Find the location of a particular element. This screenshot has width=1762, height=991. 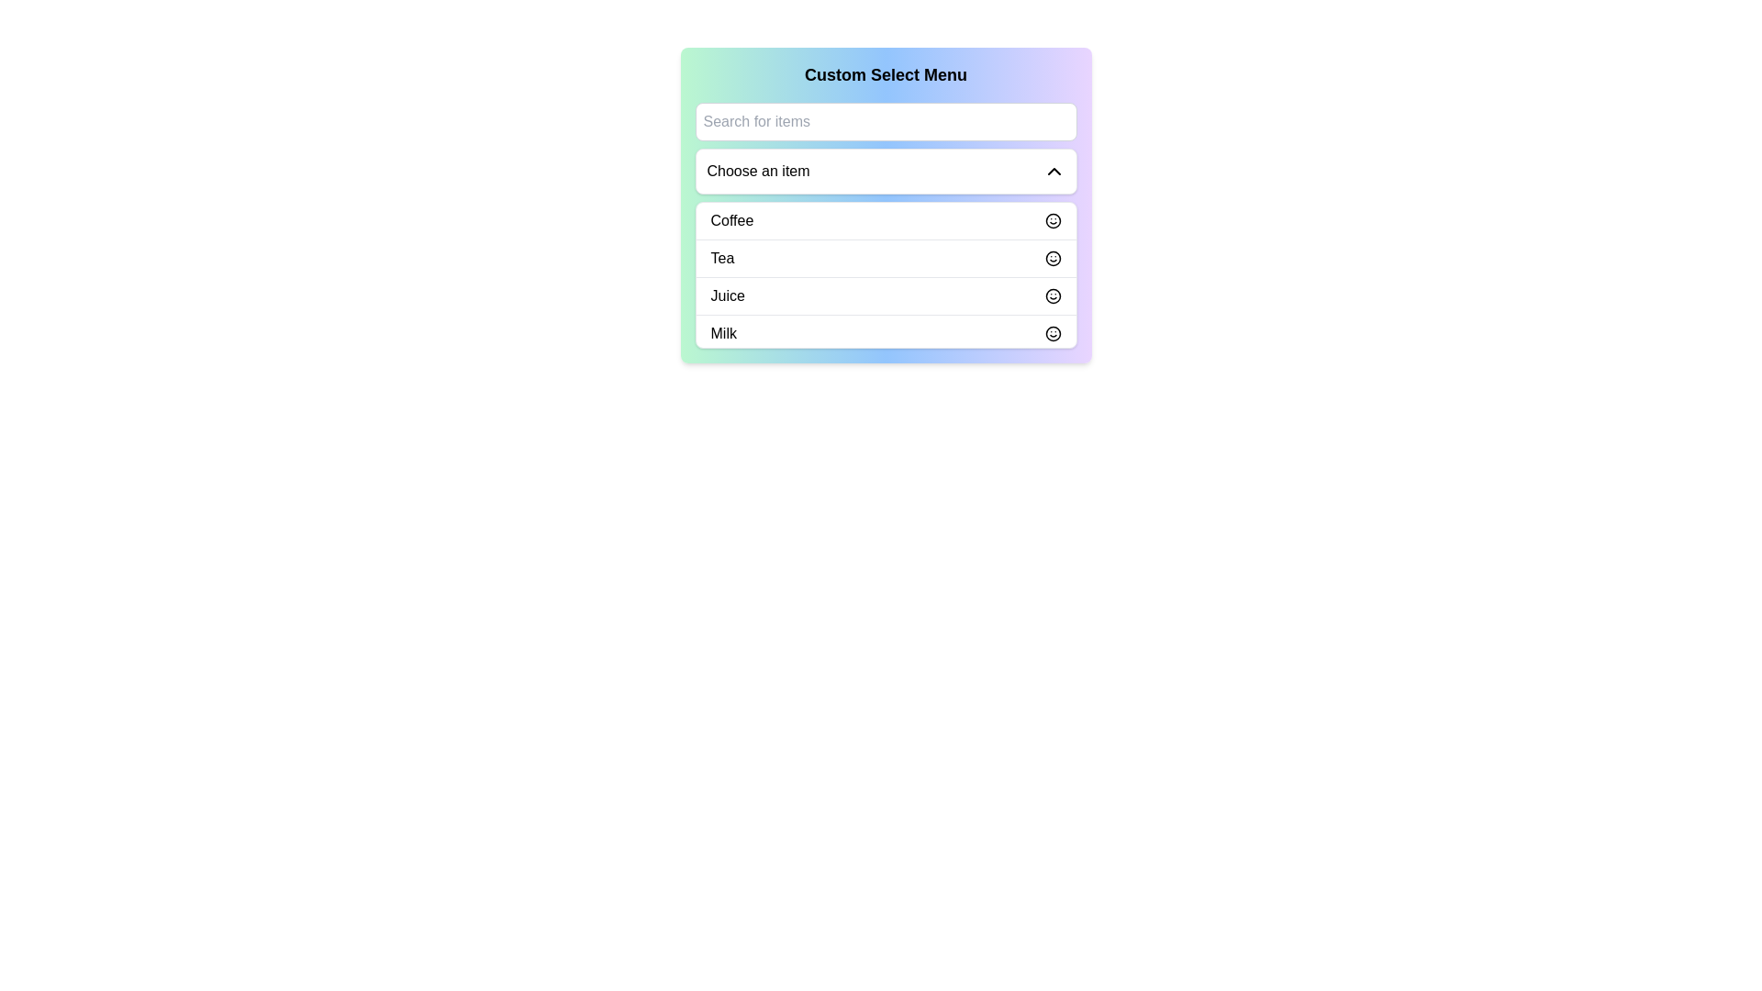

the decorative status indicator icon located at the far-right side of the list item labeled 'Milk' within the dropdown menu is located at coordinates (1053, 333).